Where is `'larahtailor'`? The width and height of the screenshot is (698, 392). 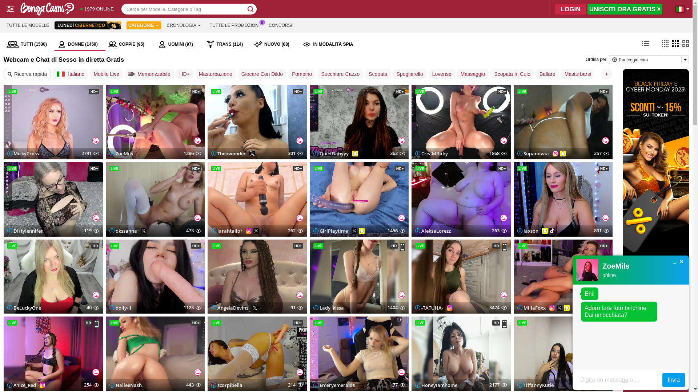 'larahtailor' is located at coordinates (226, 231).